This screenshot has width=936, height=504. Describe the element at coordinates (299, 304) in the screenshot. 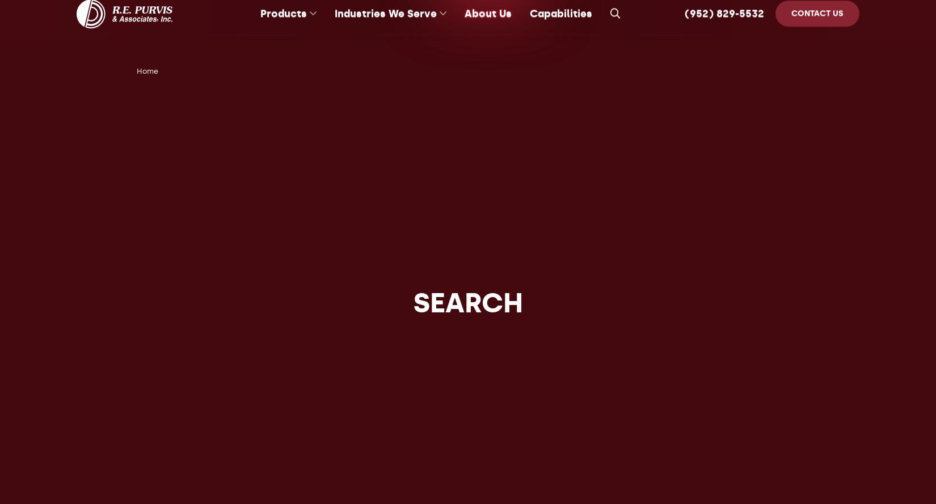

I see `'Composite Bearings'` at that location.